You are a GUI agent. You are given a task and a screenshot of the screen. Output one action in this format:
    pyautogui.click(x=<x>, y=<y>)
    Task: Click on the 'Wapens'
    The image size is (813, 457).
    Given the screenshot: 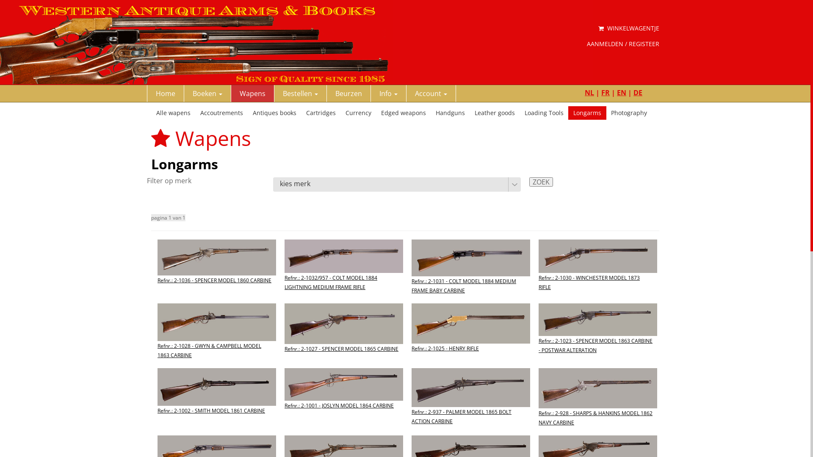 What is the action you would take?
    pyautogui.click(x=252, y=93)
    